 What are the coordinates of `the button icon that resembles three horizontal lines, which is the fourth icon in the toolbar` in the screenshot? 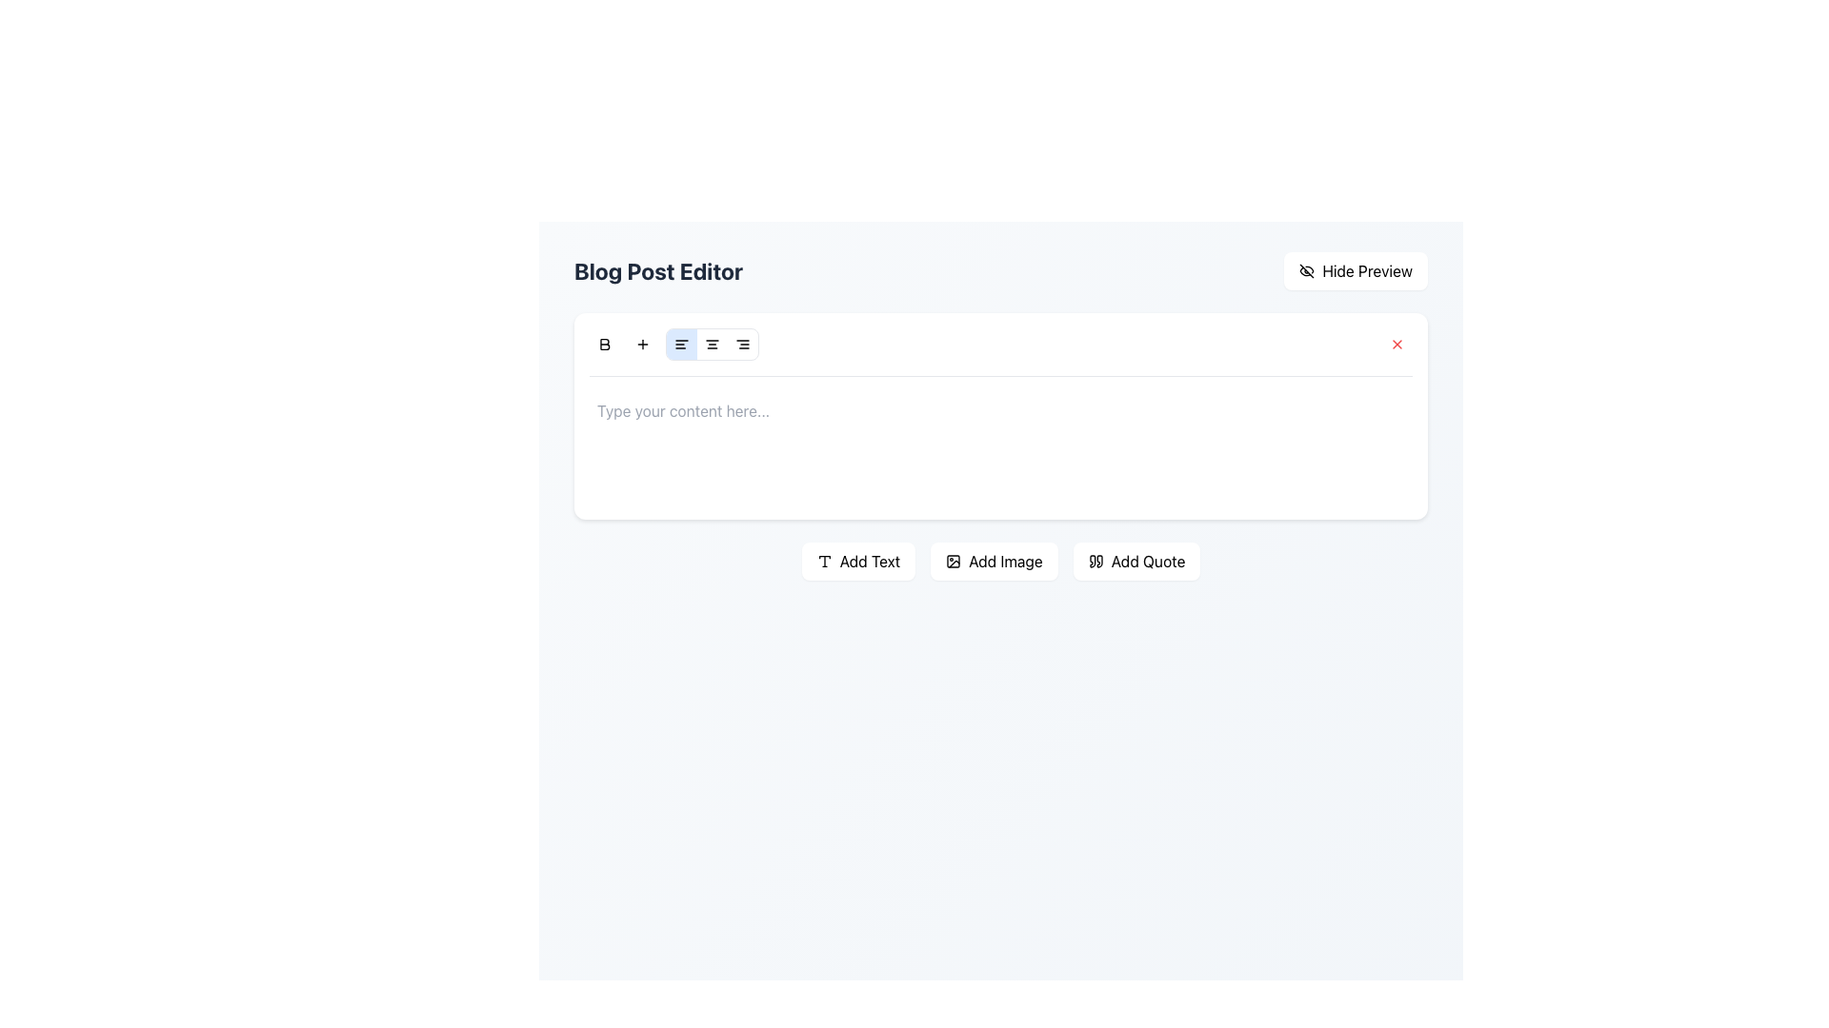 It's located at (741, 345).